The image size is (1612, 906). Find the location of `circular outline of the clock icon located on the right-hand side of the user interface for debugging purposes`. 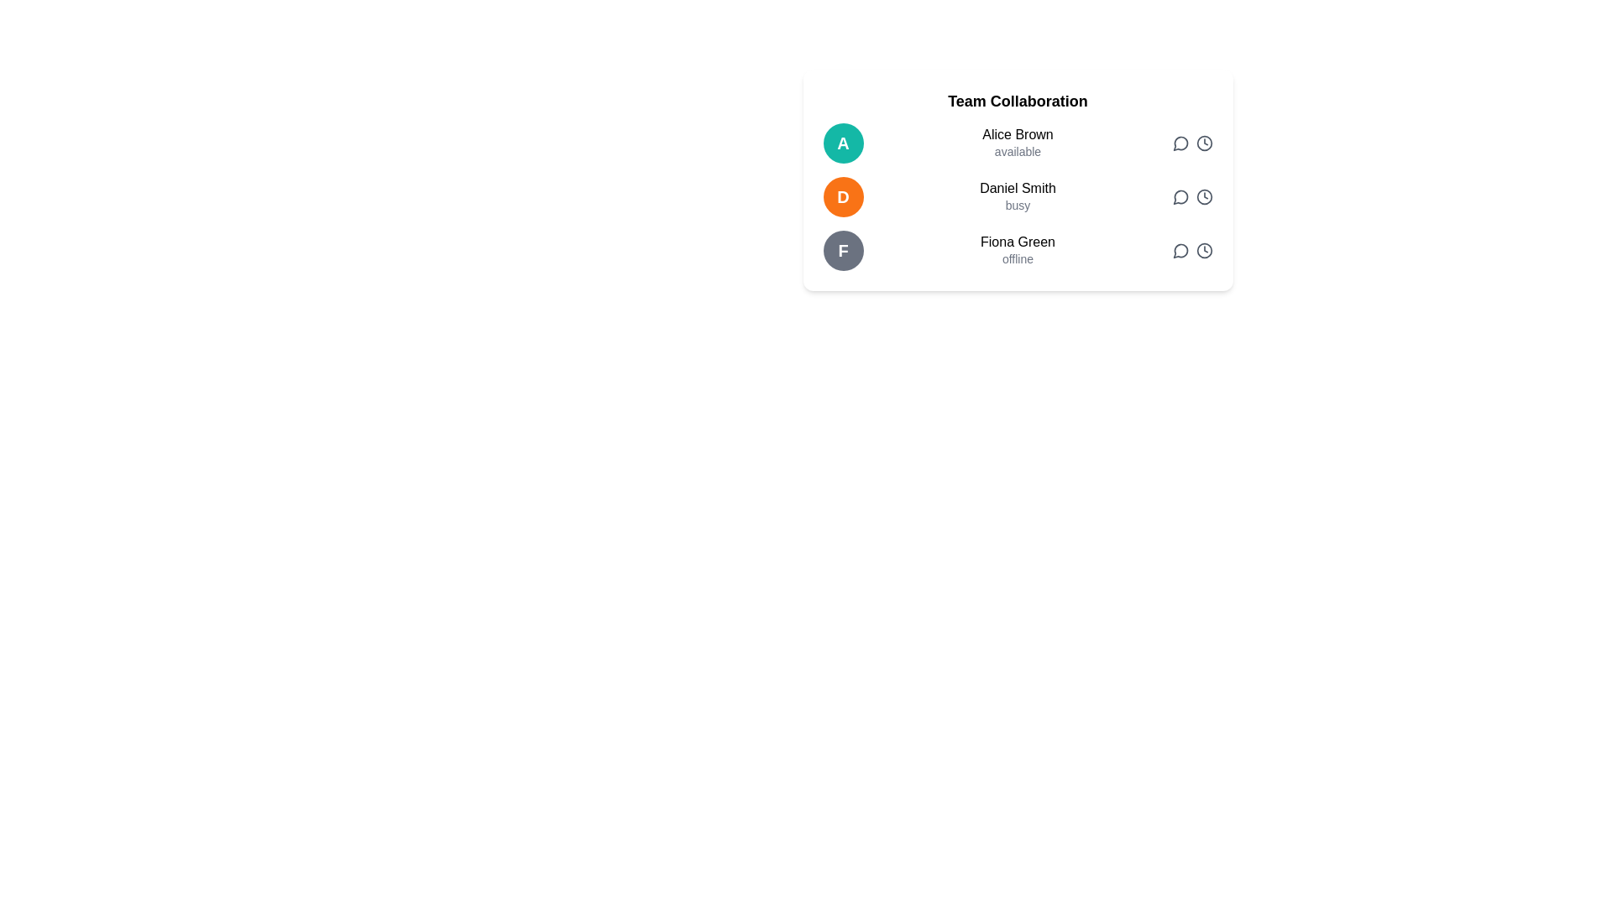

circular outline of the clock icon located on the right-hand side of the user interface for debugging purposes is located at coordinates (1203, 142).